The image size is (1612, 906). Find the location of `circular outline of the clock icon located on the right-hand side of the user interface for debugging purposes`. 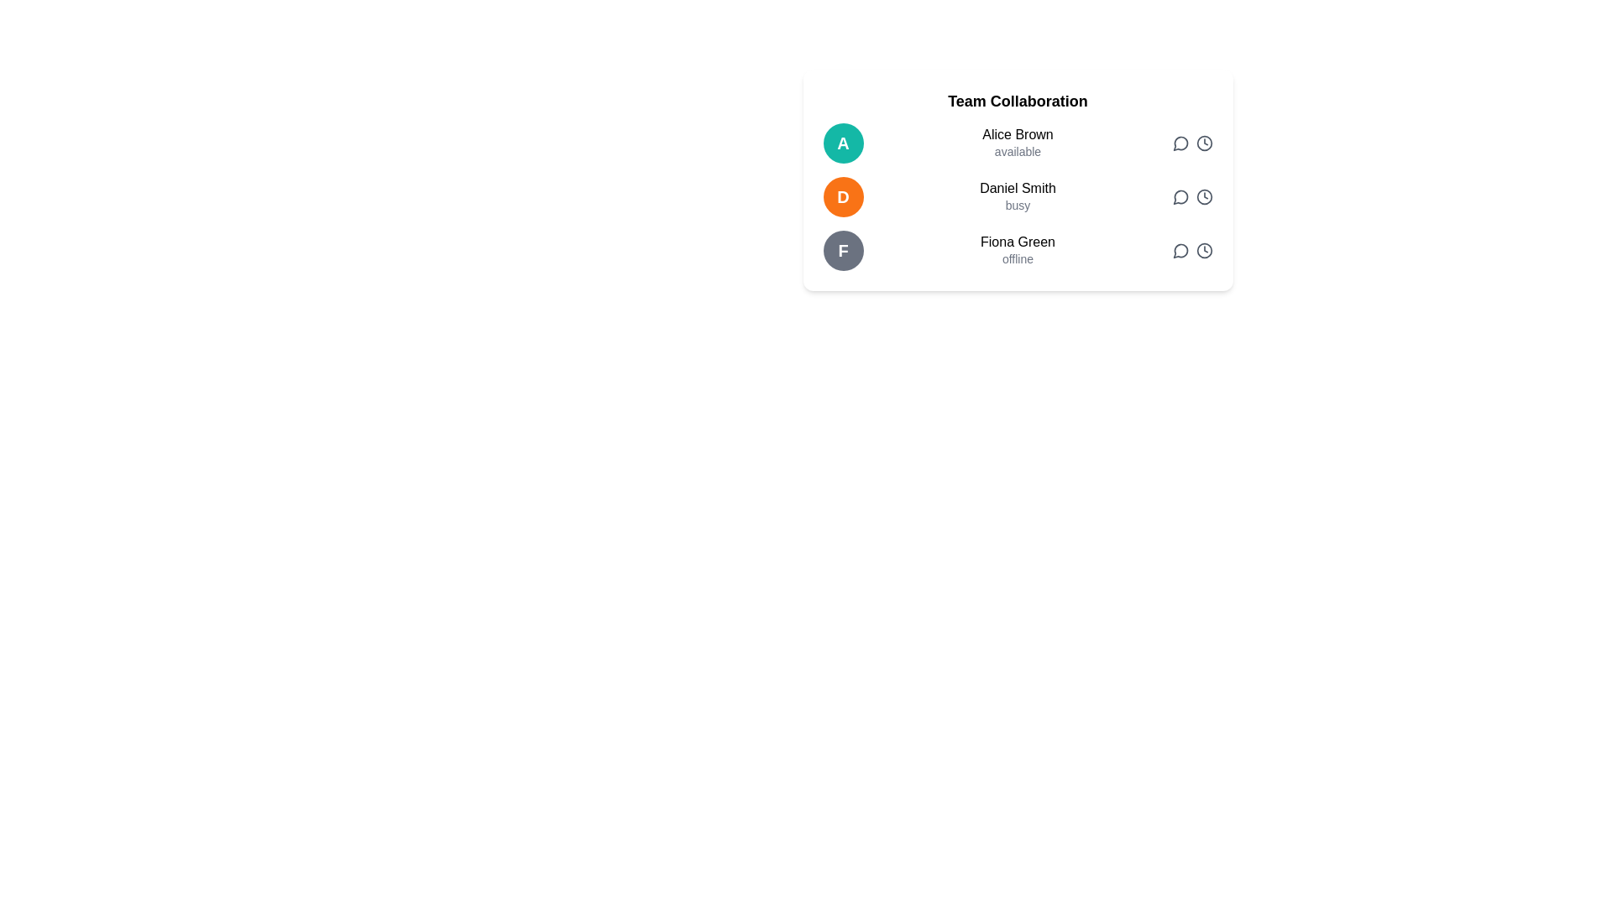

circular outline of the clock icon located on the right-hand side of the user interface for debugging purposes is located at coordinates (1203, 142).